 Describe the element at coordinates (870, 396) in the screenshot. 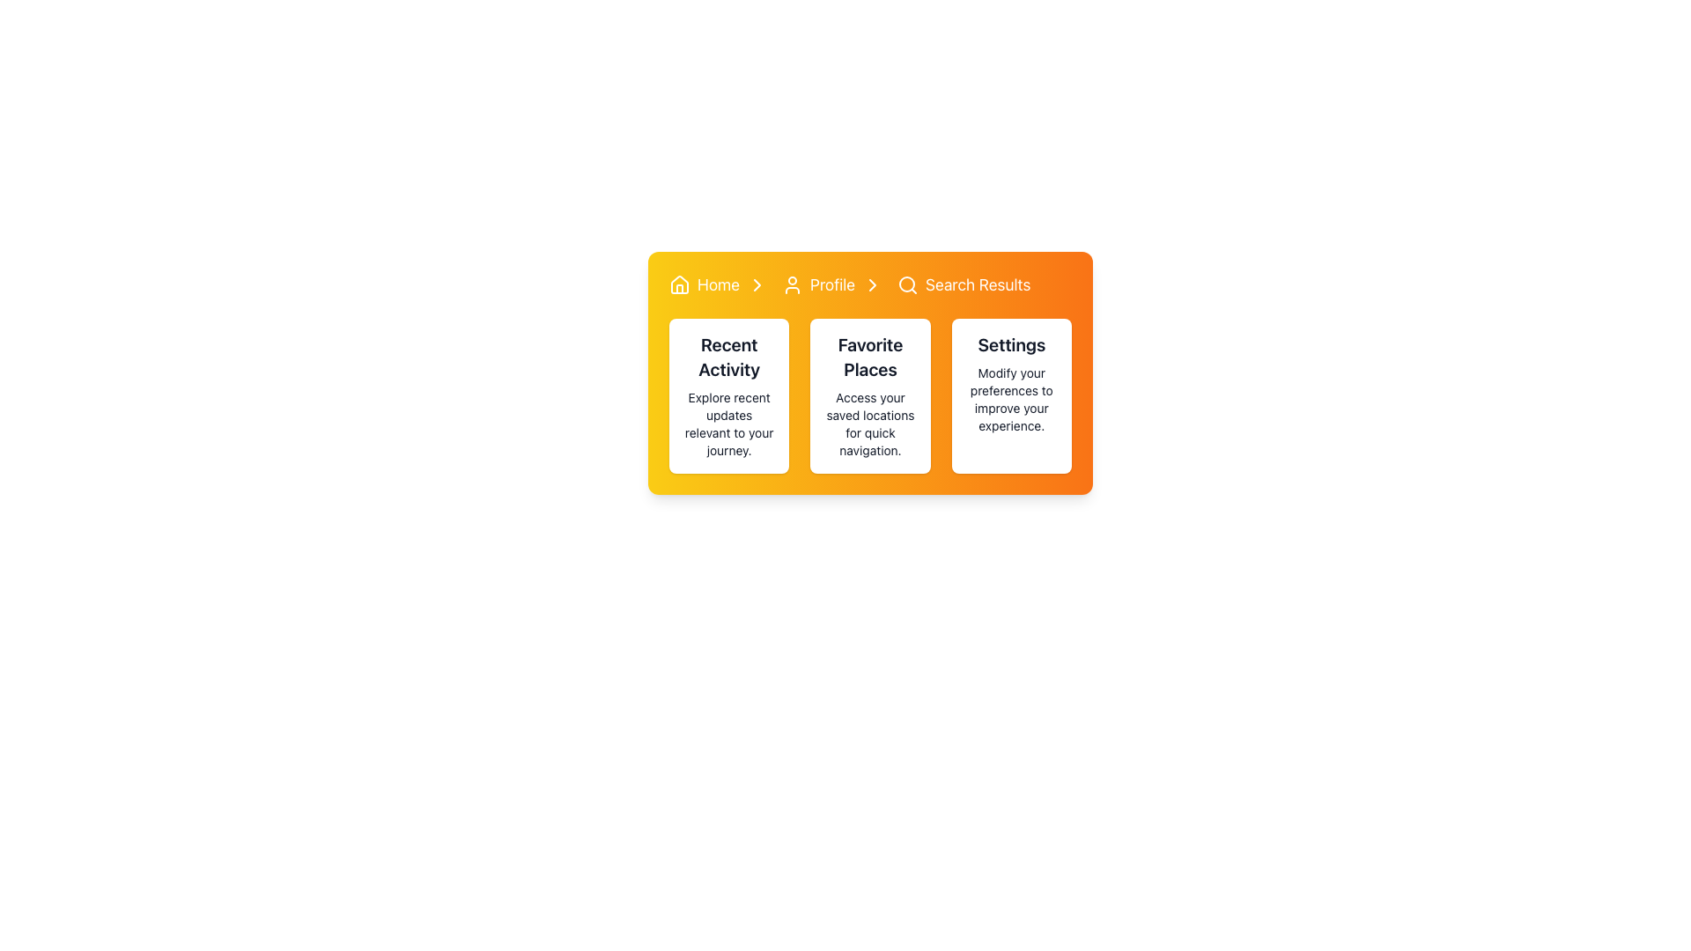

I see `the middle Informational Card in the grid that provides access to saved locations for quick navigation` at that location.